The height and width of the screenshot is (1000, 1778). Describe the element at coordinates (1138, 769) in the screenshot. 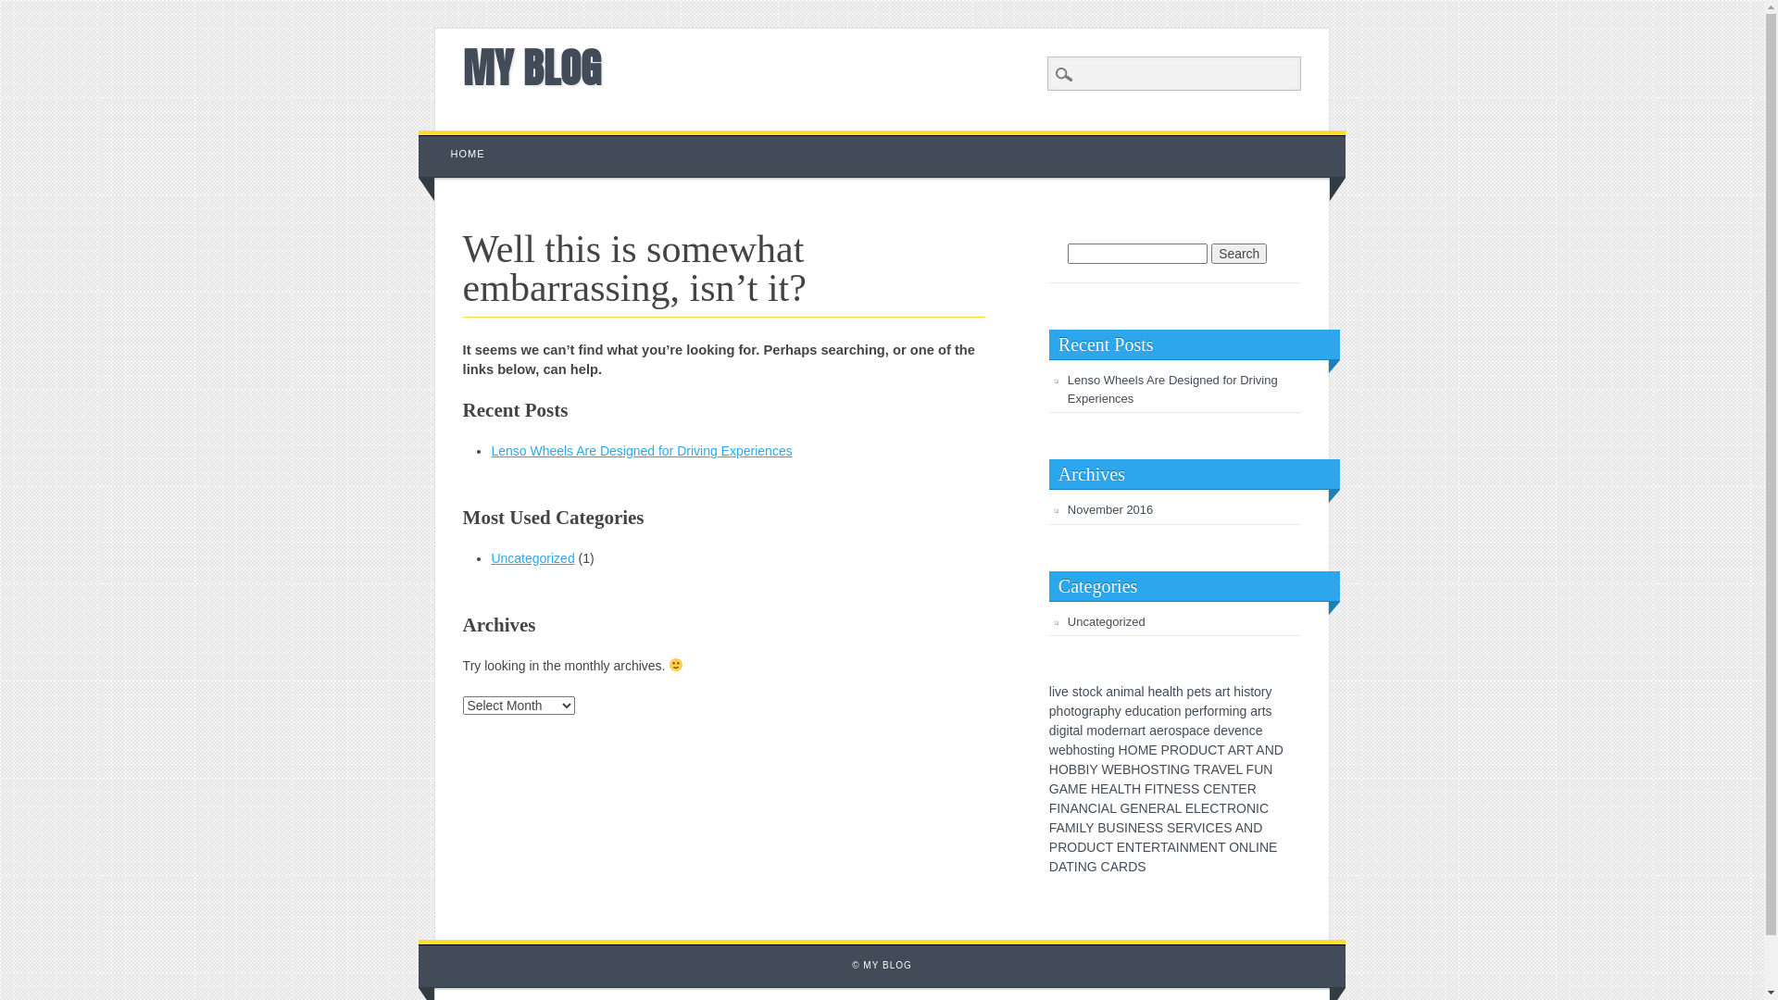

I see `'O'` at that location.